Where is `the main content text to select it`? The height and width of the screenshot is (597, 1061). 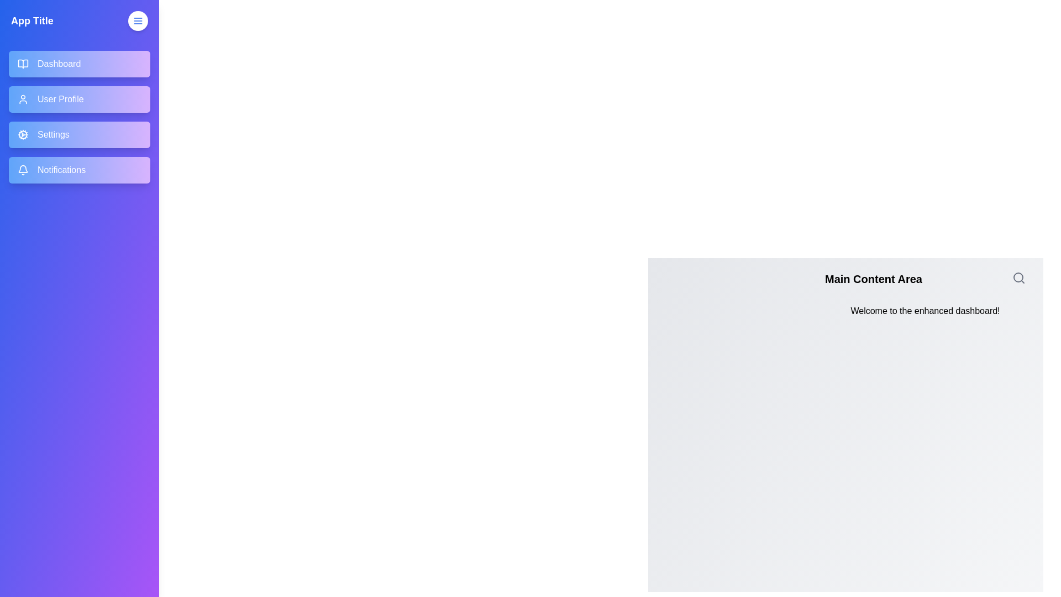
the main content text to select it is located at coordinates (925, 311).